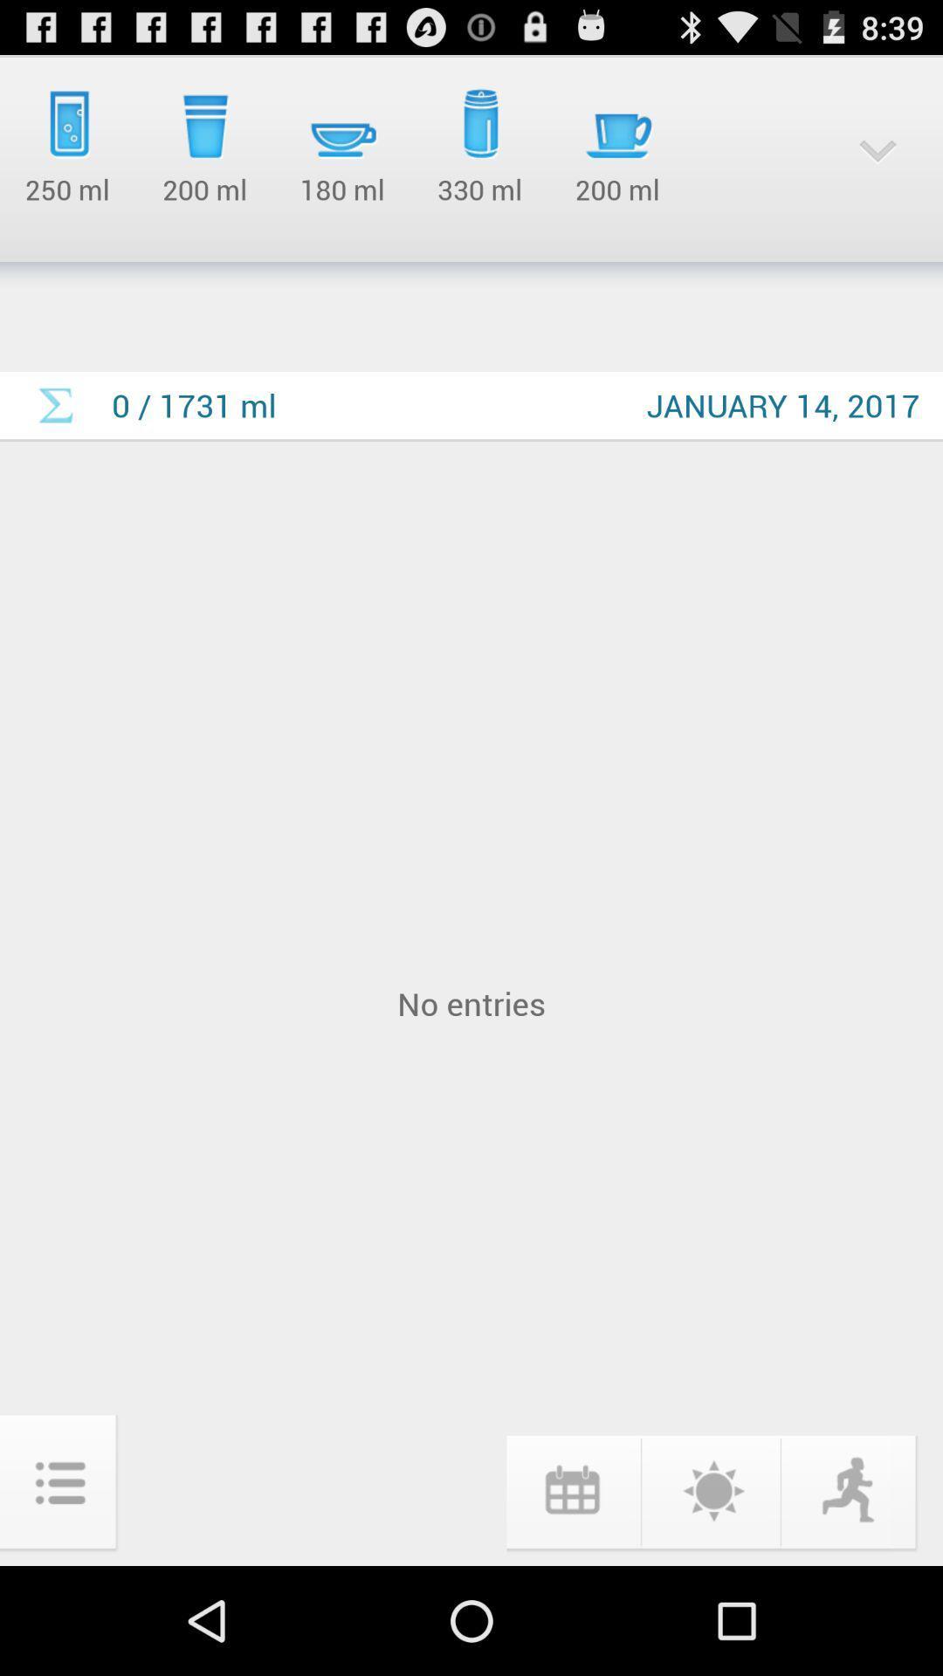 Image resolution: width=943 pixels, height=1676 pixels. I want to click on the list icon, so click(59, 1589).